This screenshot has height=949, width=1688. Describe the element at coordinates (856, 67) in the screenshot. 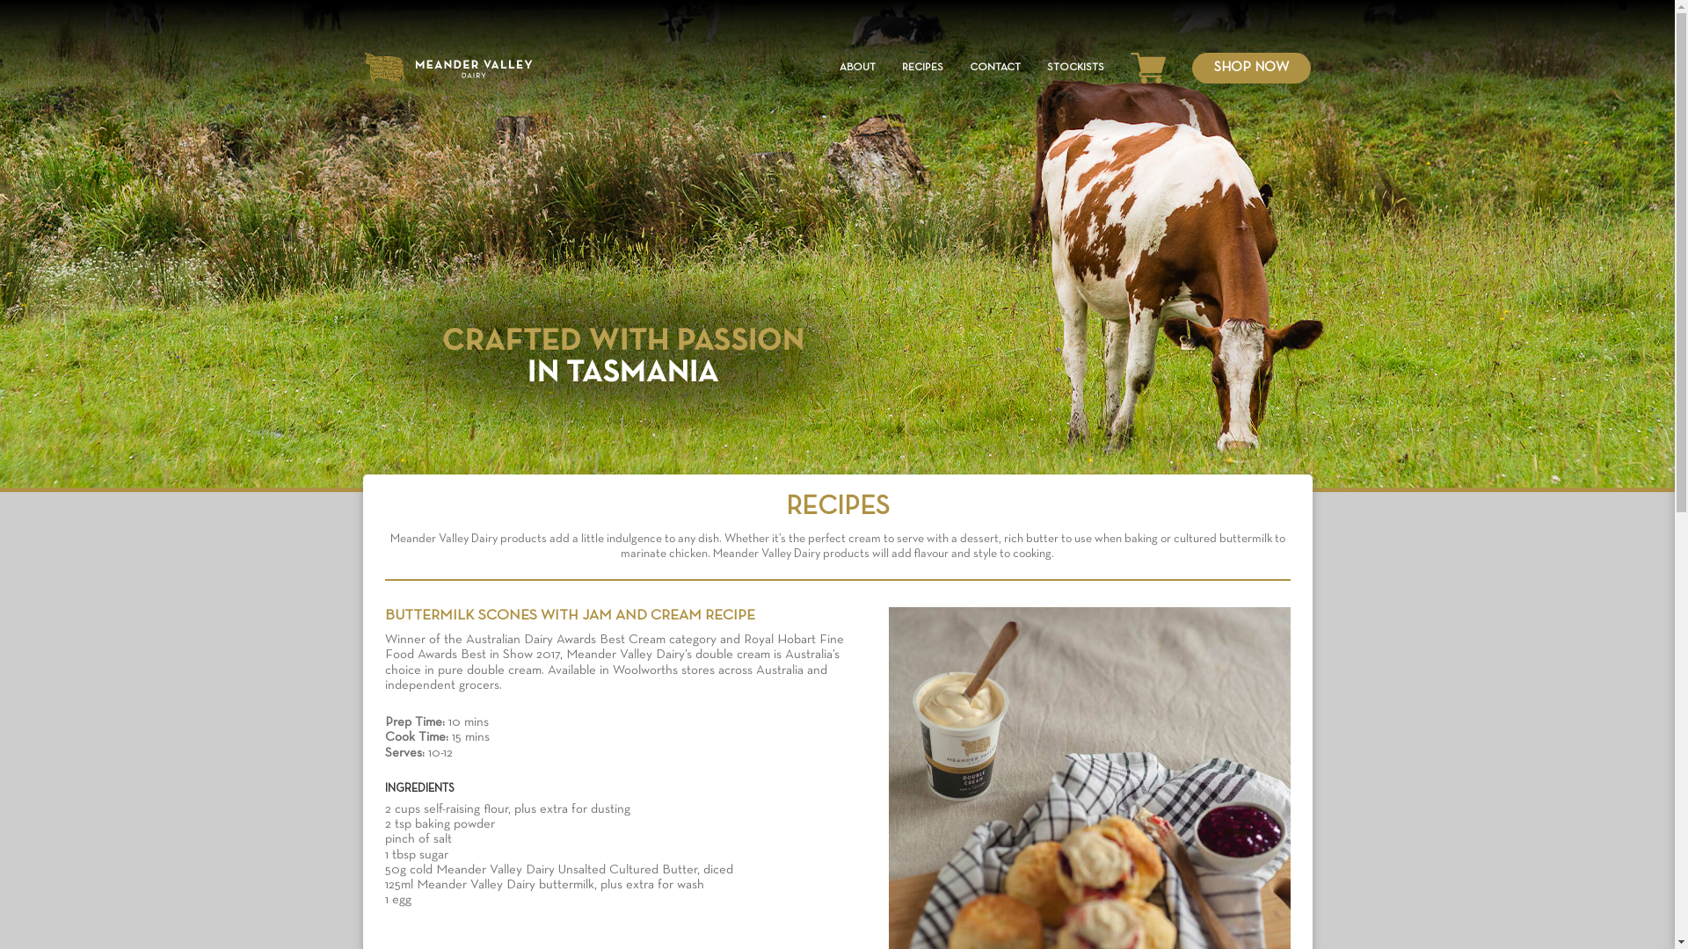

I see `'ABOUT'` at that location.